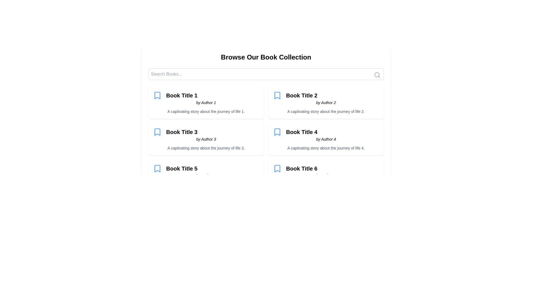 The image size is (533, 299). What do you see at coordinates (277, 132) in the screenshot?
I see `the bookmark icon adjacent to 'Book Title 4' to bookmark the item for further reference` at bounding box center [277, 132].